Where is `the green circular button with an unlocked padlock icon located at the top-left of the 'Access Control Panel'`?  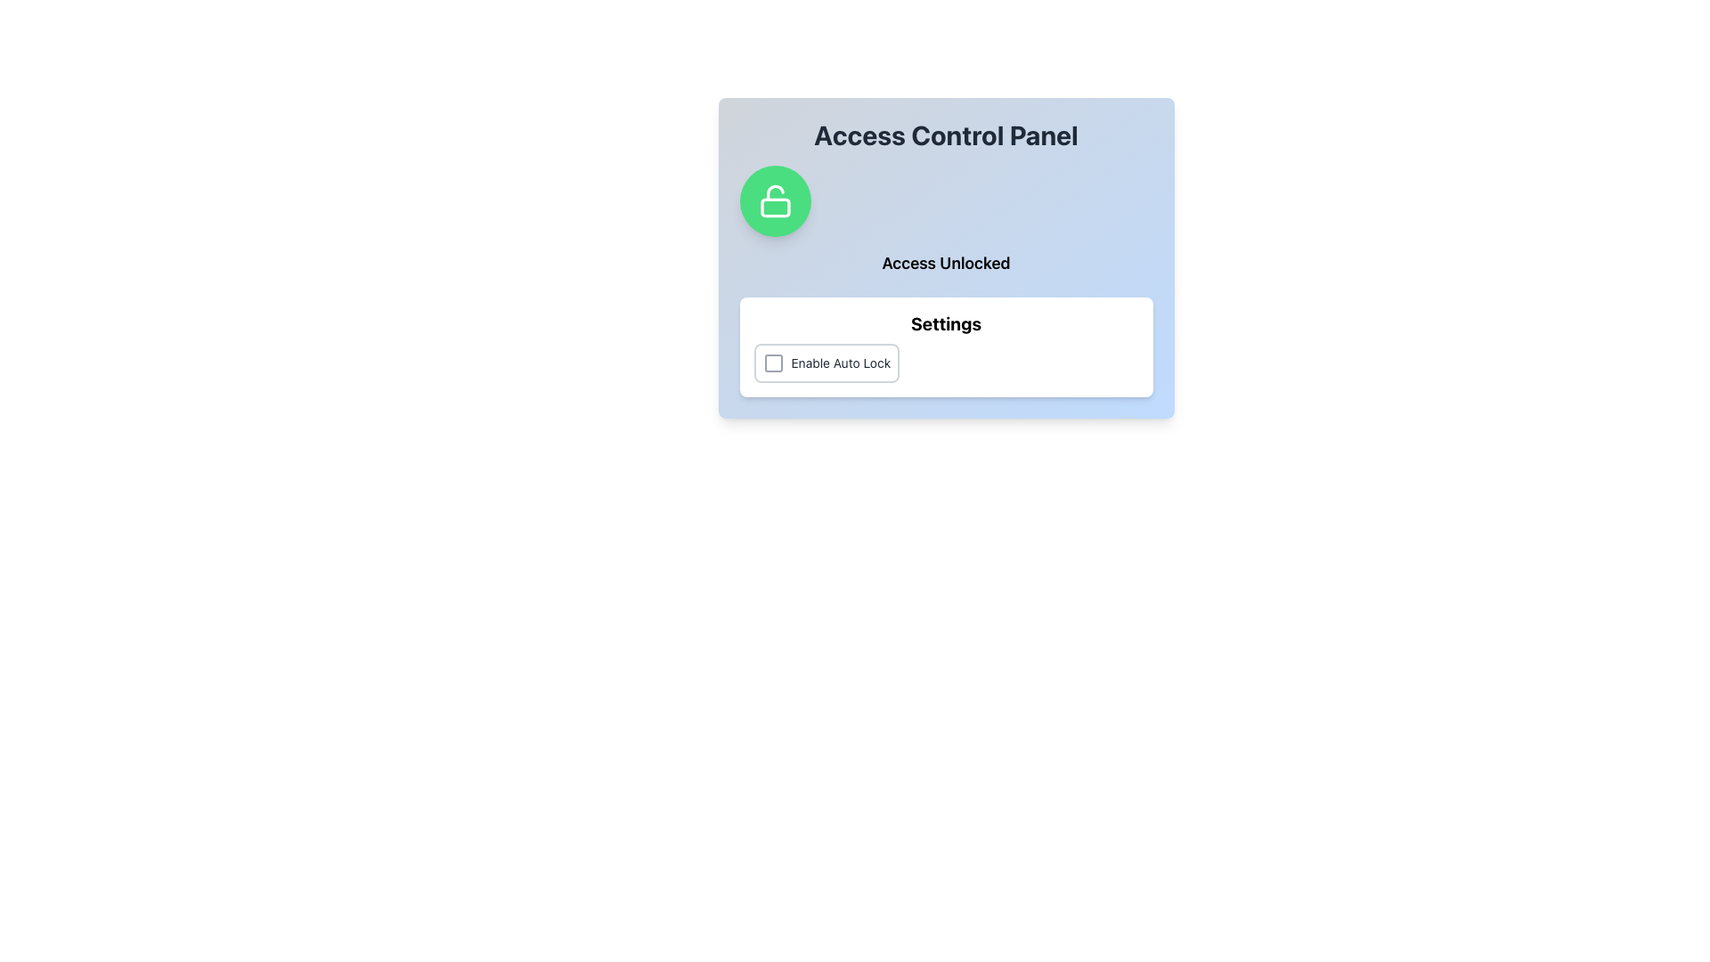 the green circular button with an unlocked padlock icon located at the top-left of the 'Access Control Panel' is located at coordinates (775, 200).